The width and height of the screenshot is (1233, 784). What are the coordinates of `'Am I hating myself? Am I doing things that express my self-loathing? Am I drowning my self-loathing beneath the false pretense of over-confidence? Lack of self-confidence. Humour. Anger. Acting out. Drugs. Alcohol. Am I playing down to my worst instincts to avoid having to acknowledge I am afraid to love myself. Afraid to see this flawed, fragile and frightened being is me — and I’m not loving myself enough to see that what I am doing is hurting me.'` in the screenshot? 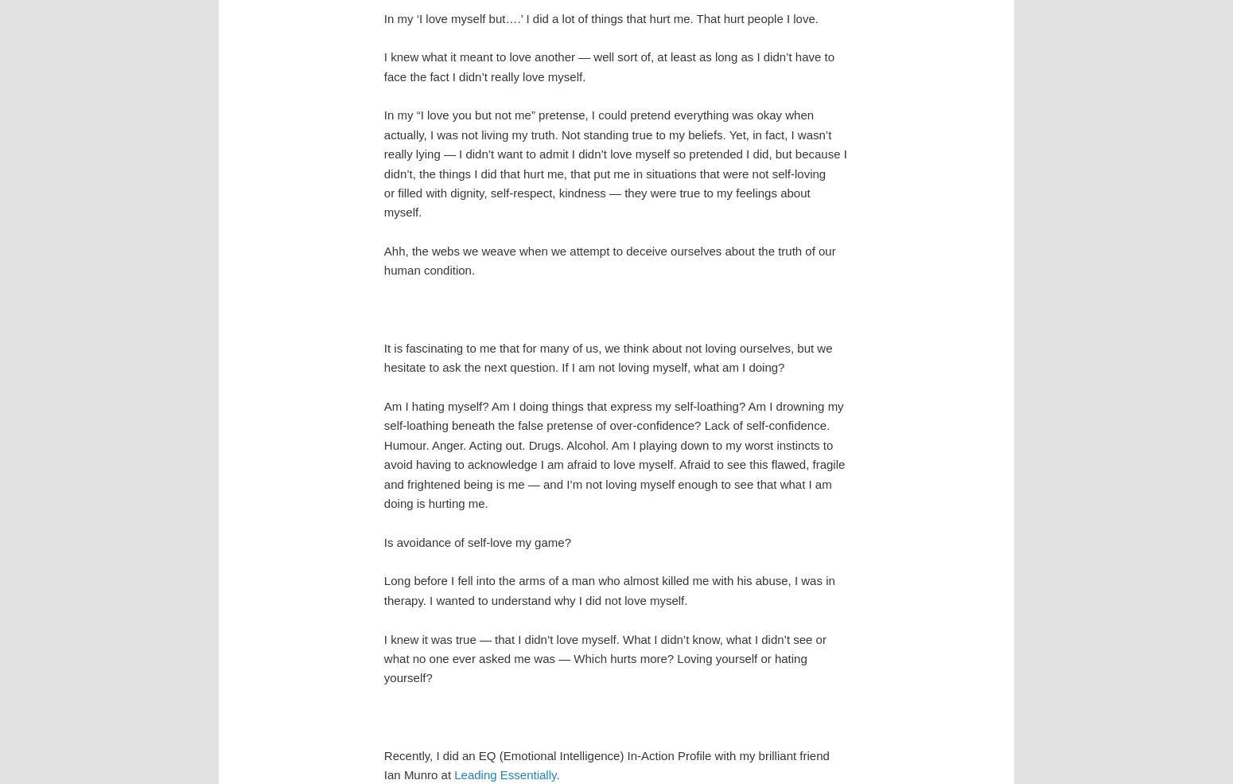 It's located at (383, 454).